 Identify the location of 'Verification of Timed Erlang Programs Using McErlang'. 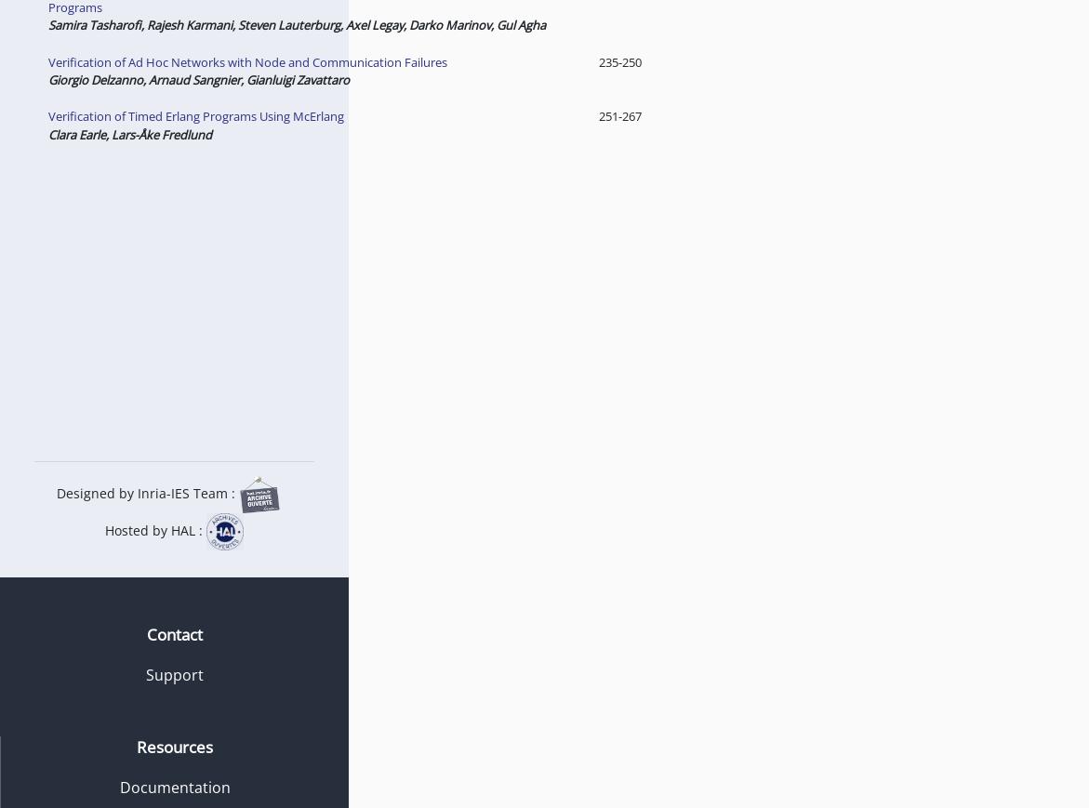
(193, 114).